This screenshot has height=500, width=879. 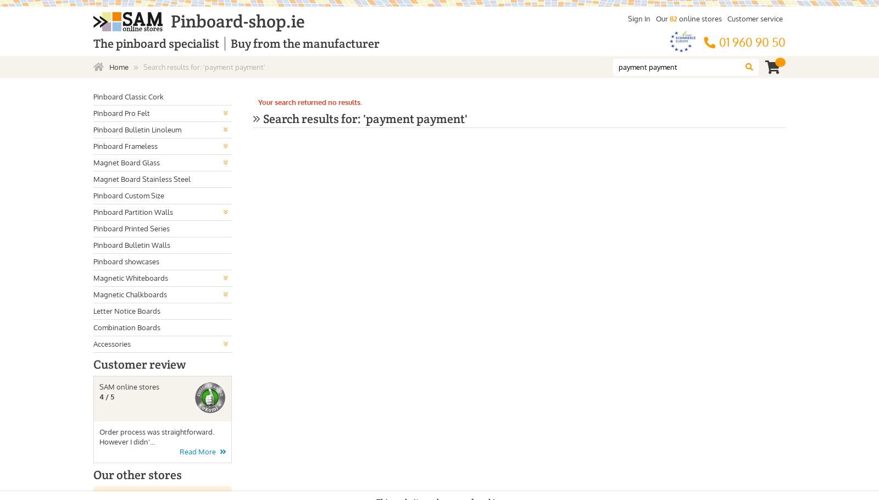 I want to click on 'Pinboard Bulletin Walls', so click(x=132, y=245).